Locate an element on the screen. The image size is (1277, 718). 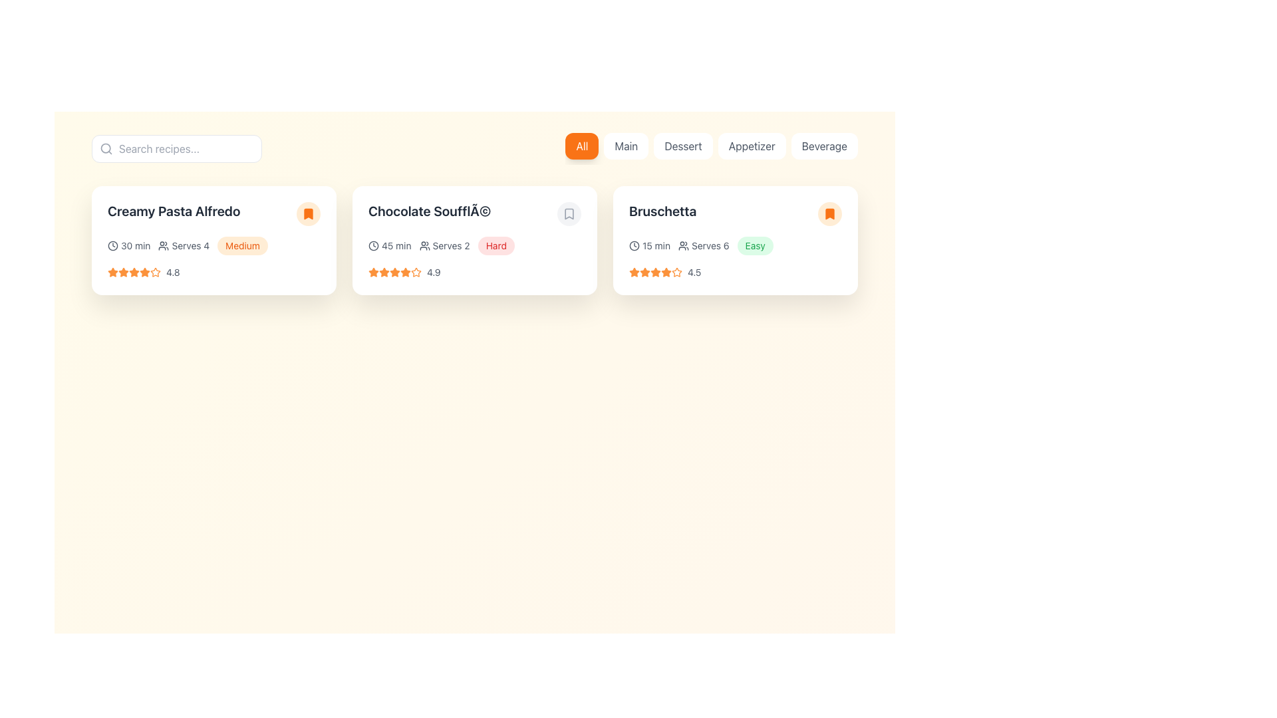
the SVG circle element that enhances the visual appearance of the search icon, located at the top-left region of the interface is located at coordinates (105, 148).